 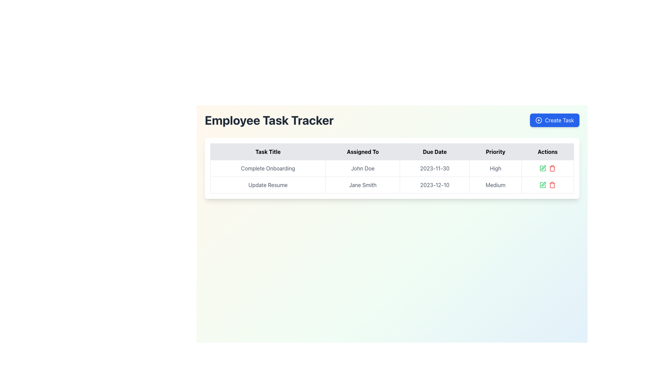 What do you see at coordinates (435, 185) in the screenshot?
I see `the Text display element that shows the due date for the task 'Update Resume' assigned to 'Jane Smith' in the second row of the table under the 'Due Date' column` at bounding box center [435, 185].